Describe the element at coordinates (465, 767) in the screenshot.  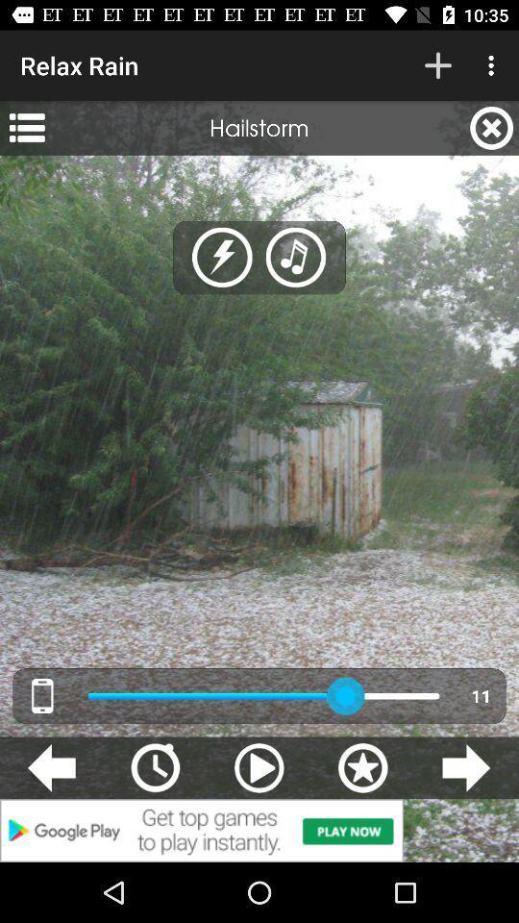
I see `the arrow_forward icon` at that location.